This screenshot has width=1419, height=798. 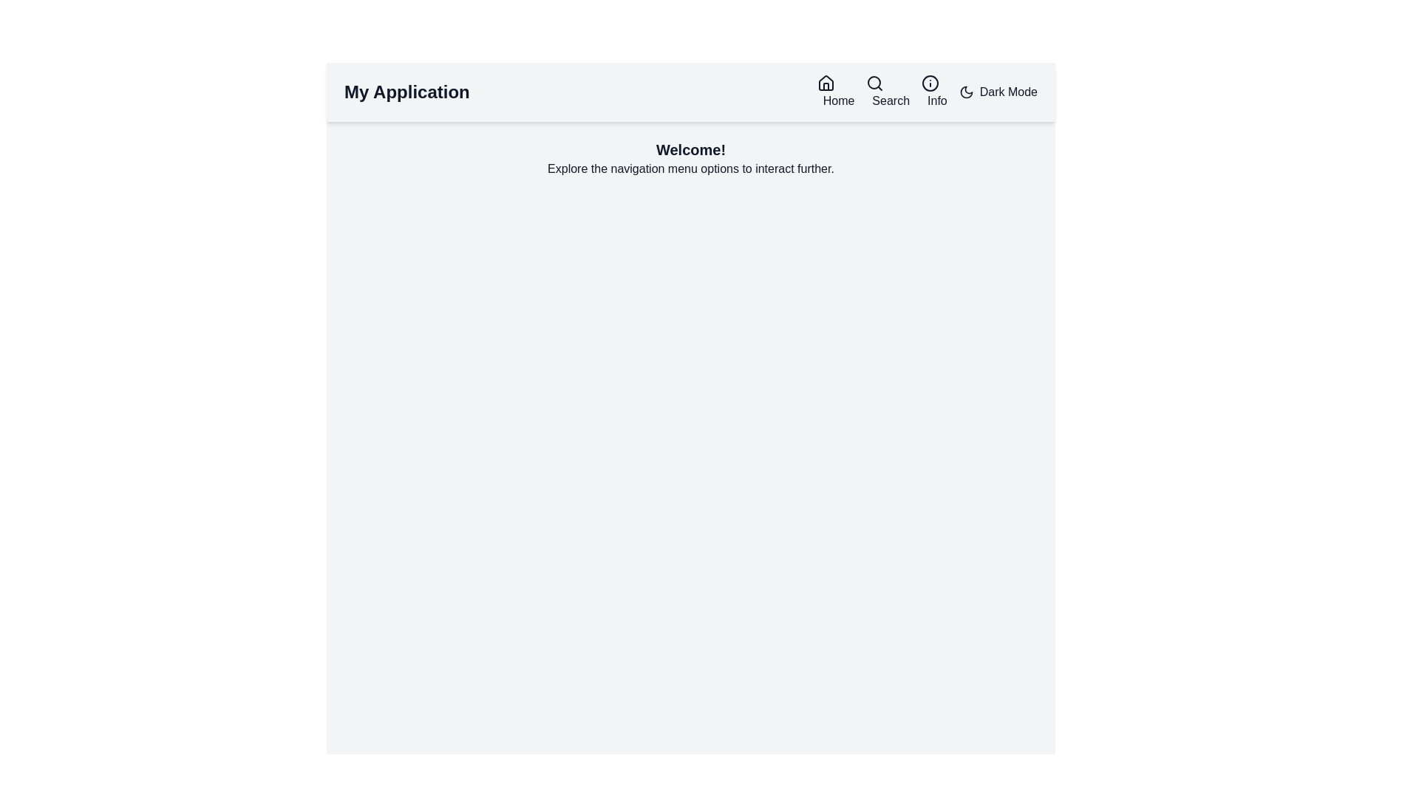 I want to click on the 'Navigation Menu' located in the top-right section of the navigation bar, so click(x=926, y=92).